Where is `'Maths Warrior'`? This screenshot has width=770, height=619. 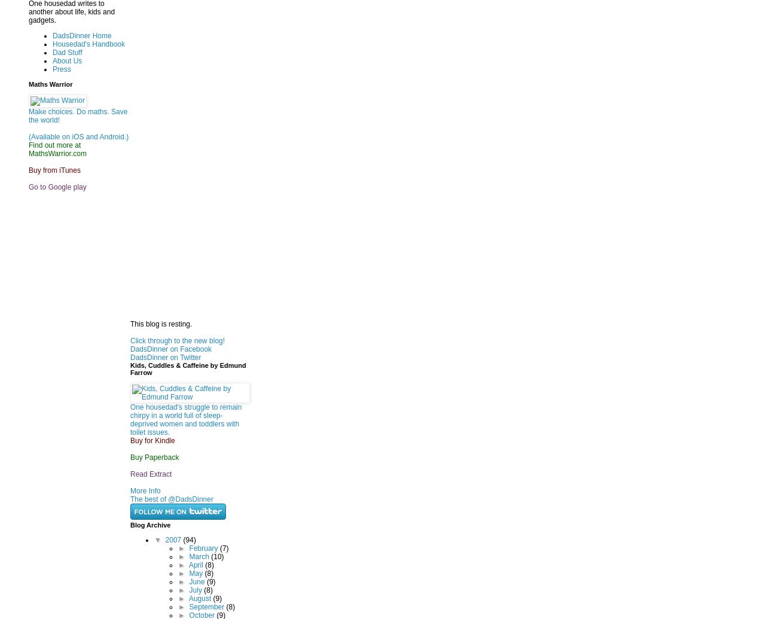 'Maths Warrior' is located at coordinates (50, 84).